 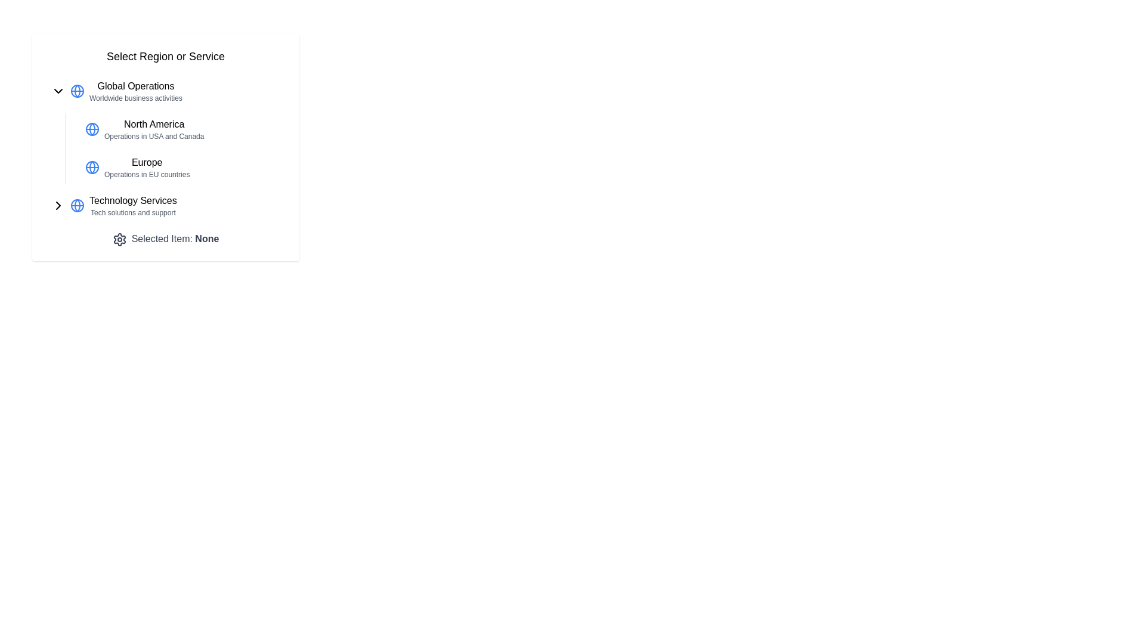 What do you see at coordinates (180, 129) in the screenshot?
I see `the 'North America' selectable list item, which features a blue globe icon and a description below the main text, to highlight it` at bounding box center [180, 129].